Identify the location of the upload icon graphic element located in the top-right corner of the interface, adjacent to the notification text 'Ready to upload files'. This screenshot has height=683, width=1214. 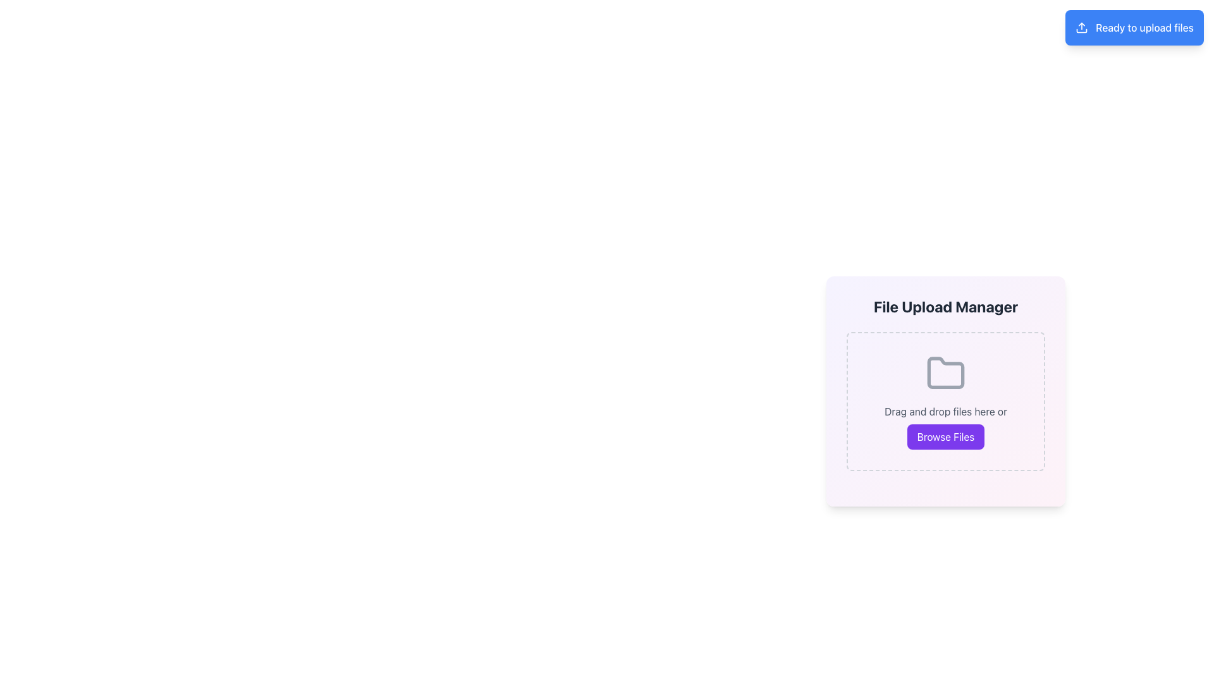
(1081, 27).